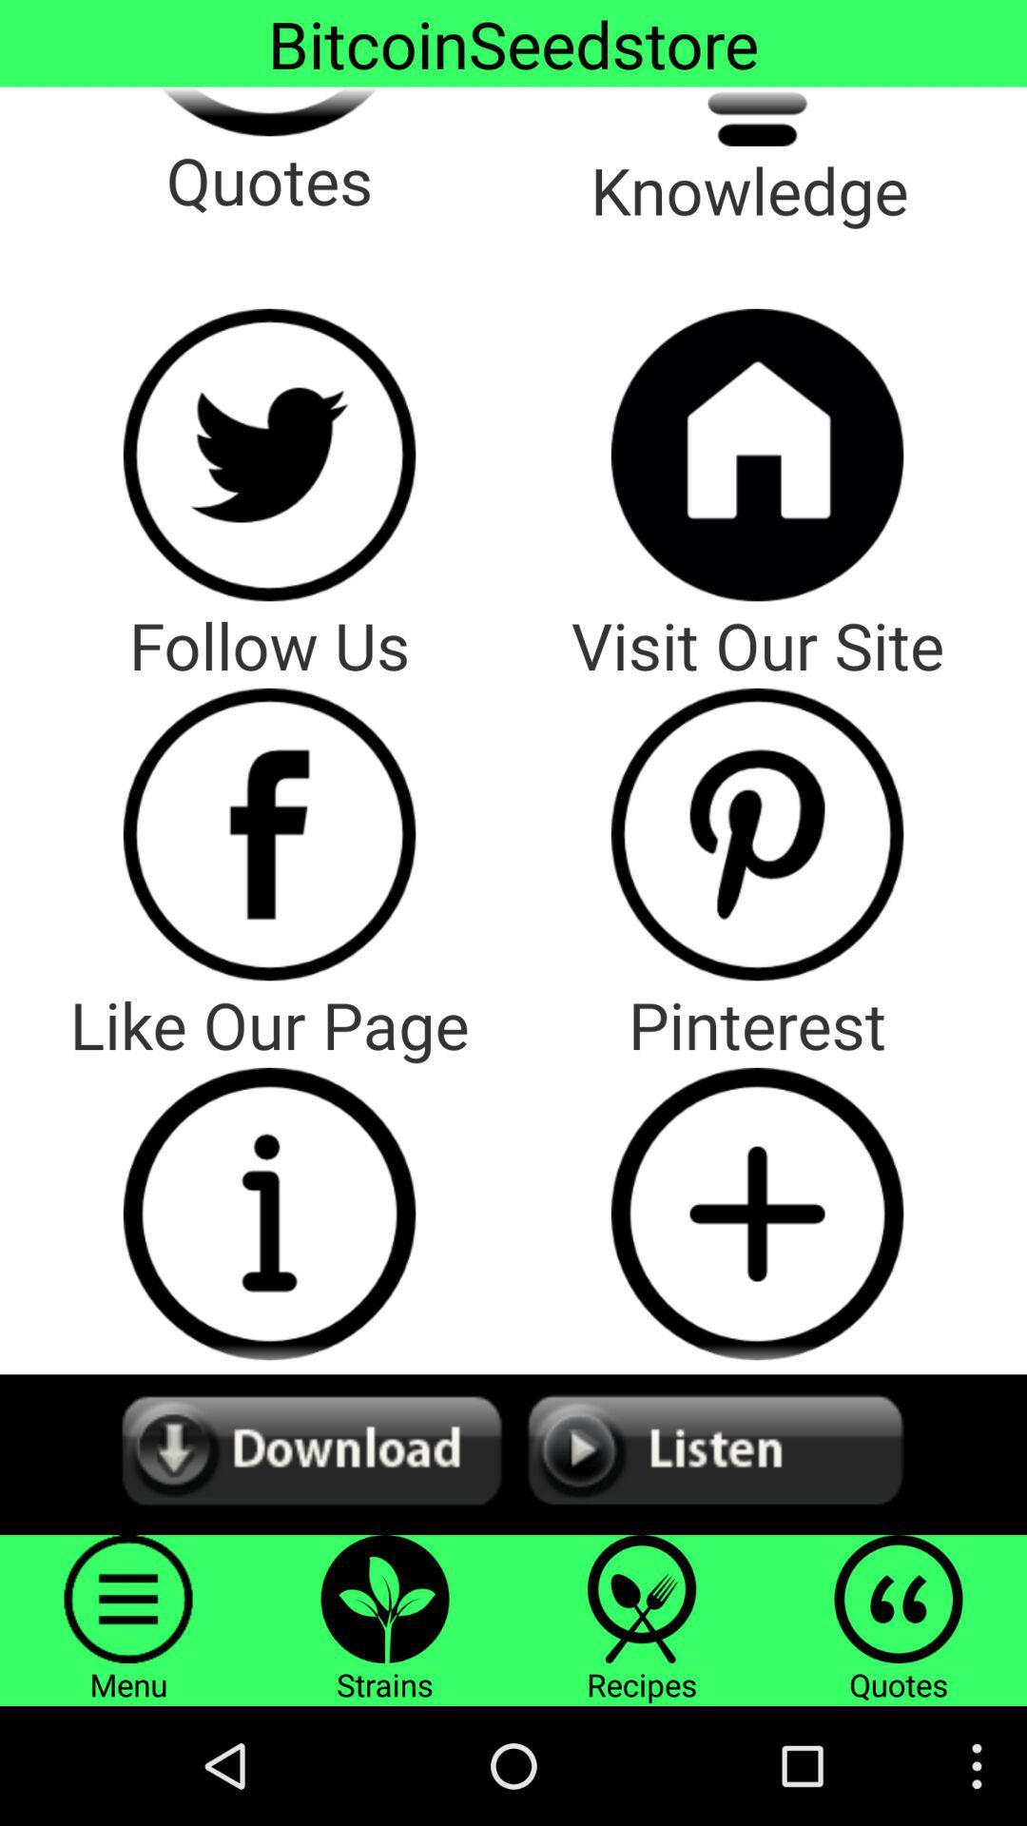 The image size is (1027, 1826). Describe the element at coordinates (513, 1453) in the screenshot. I see `left button download right button listen` at that location.